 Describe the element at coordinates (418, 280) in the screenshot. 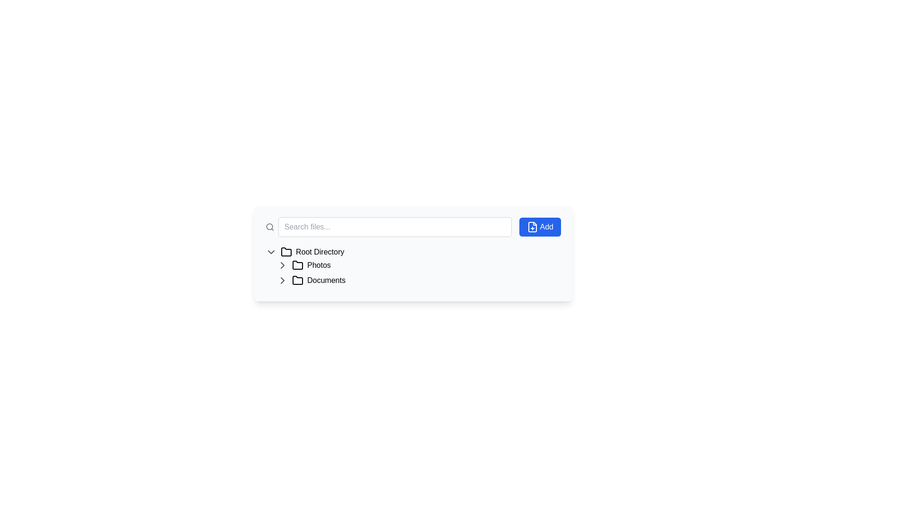

I see `the 'Documents' folder component in the file navigation interface` at that location.